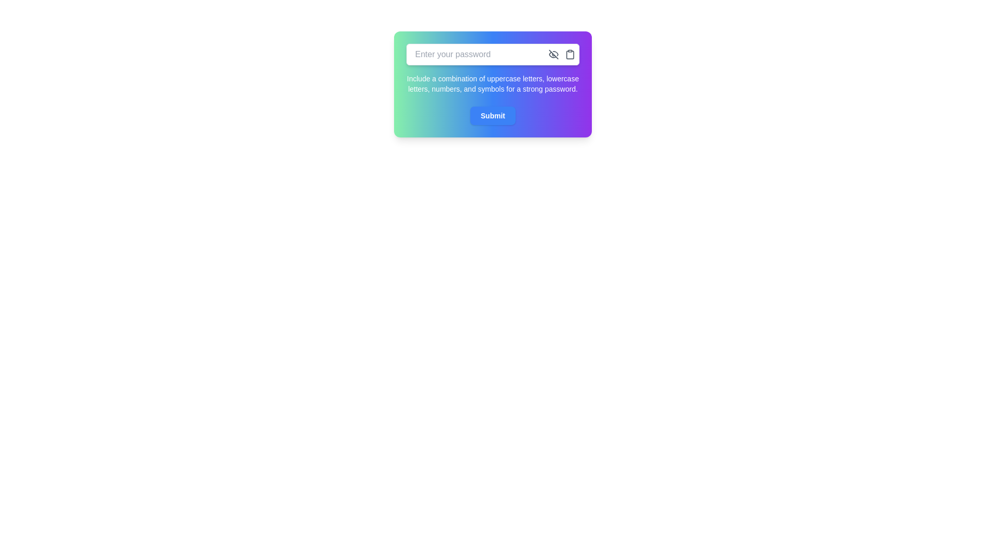 The width and height of the screenshot is (989, 556). I want to click on the clipboard icon button located on the far-right side of the password input field, so click(570, 54).